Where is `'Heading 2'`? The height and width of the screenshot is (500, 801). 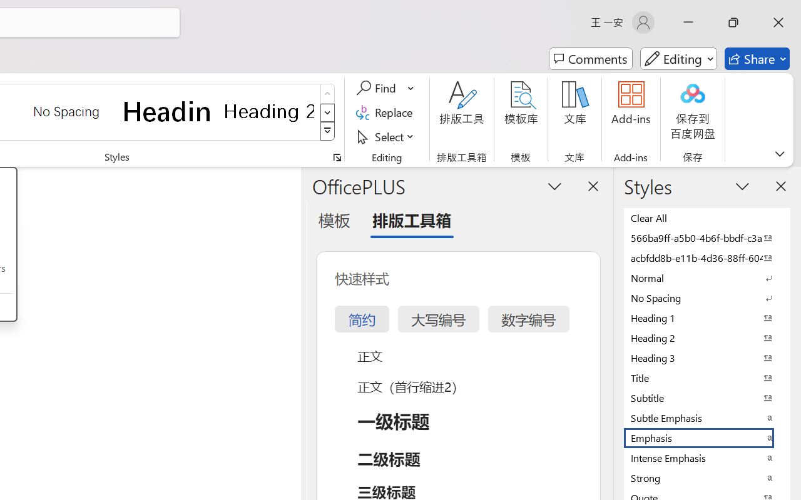 'Heading 2' is located at coordinates (268, 111).